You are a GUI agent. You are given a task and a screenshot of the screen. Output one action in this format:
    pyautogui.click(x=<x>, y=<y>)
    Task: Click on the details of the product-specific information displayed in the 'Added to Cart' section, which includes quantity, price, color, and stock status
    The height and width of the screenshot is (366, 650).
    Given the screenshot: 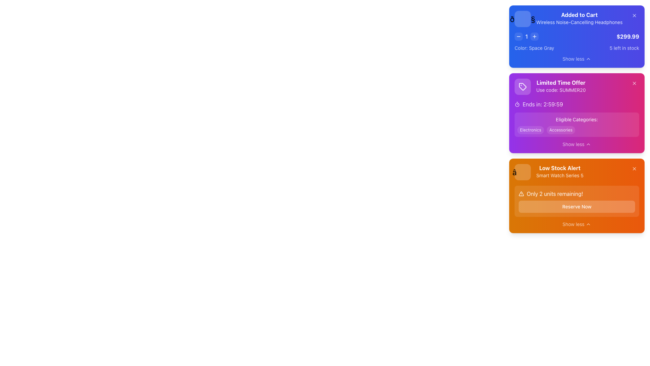 What is the action you would take?
    pyautogui.click(x=577, y=42)
    